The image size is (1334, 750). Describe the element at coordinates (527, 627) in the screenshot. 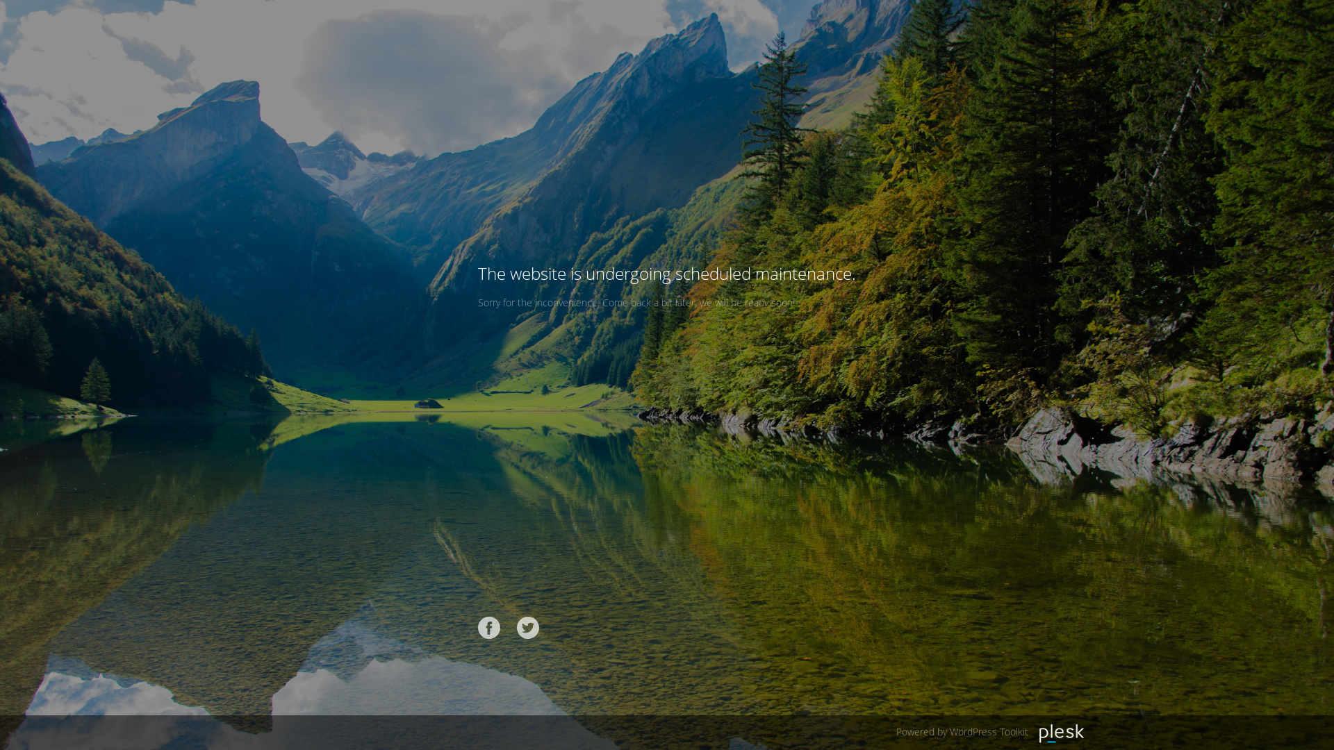

I see `'Twitter'` at that location.